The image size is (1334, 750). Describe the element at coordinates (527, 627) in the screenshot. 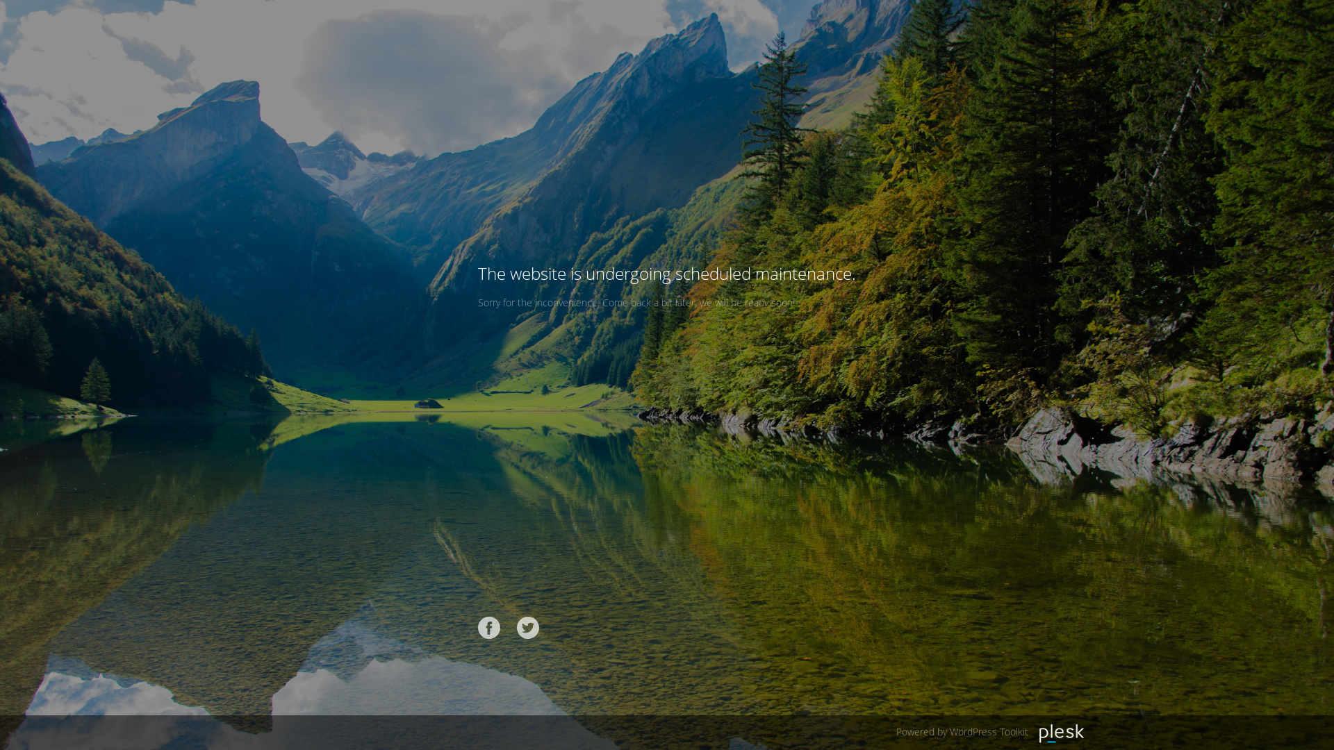

I see `'Twitter'` at that location.